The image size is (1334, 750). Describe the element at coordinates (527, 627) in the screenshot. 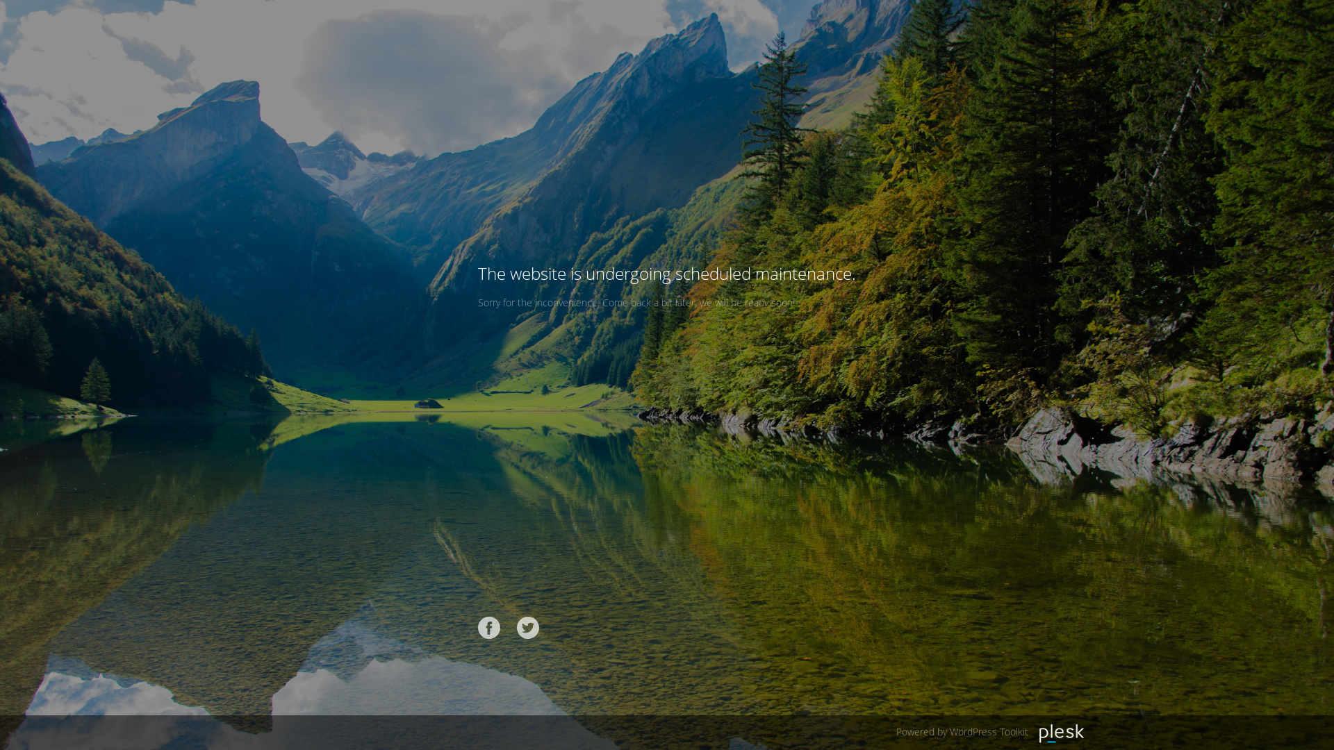

I see `'Twitter'` at that location.